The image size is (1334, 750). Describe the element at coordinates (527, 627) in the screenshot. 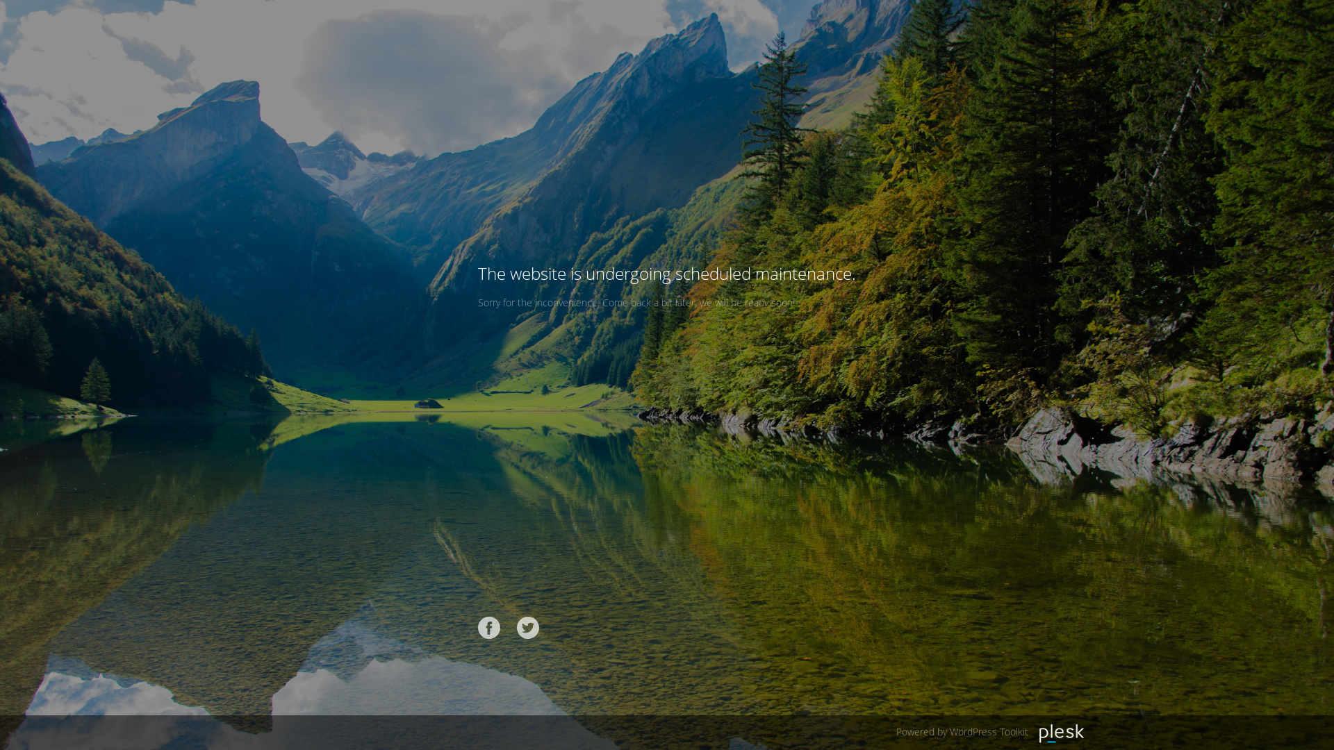

I see `'Twitter'` at that location.